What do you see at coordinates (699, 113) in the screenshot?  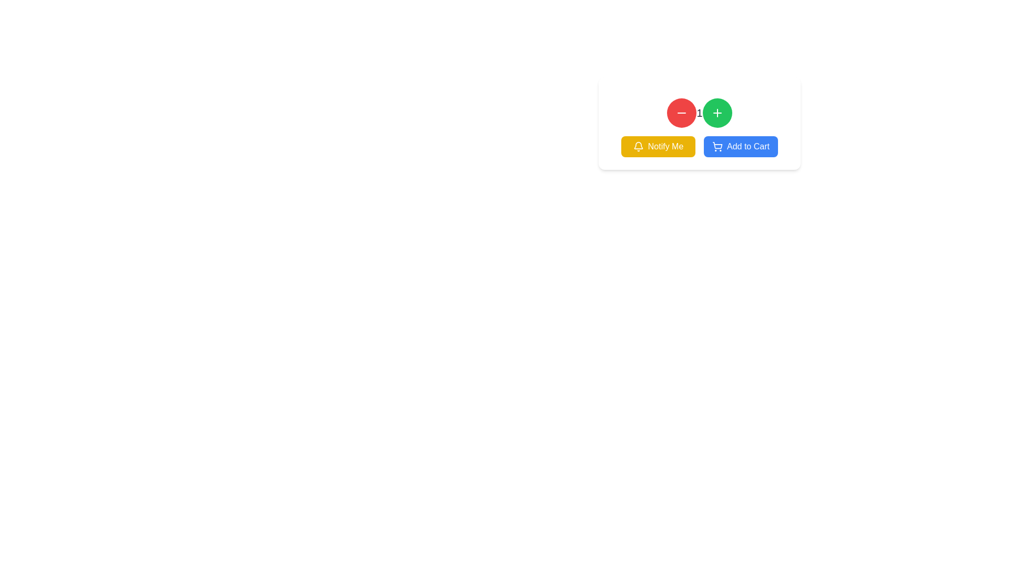 I see `the Label or Text Display that shows the current count or quantity, positioned between the decrement and increment buttons` at bounding box center [699, 113].